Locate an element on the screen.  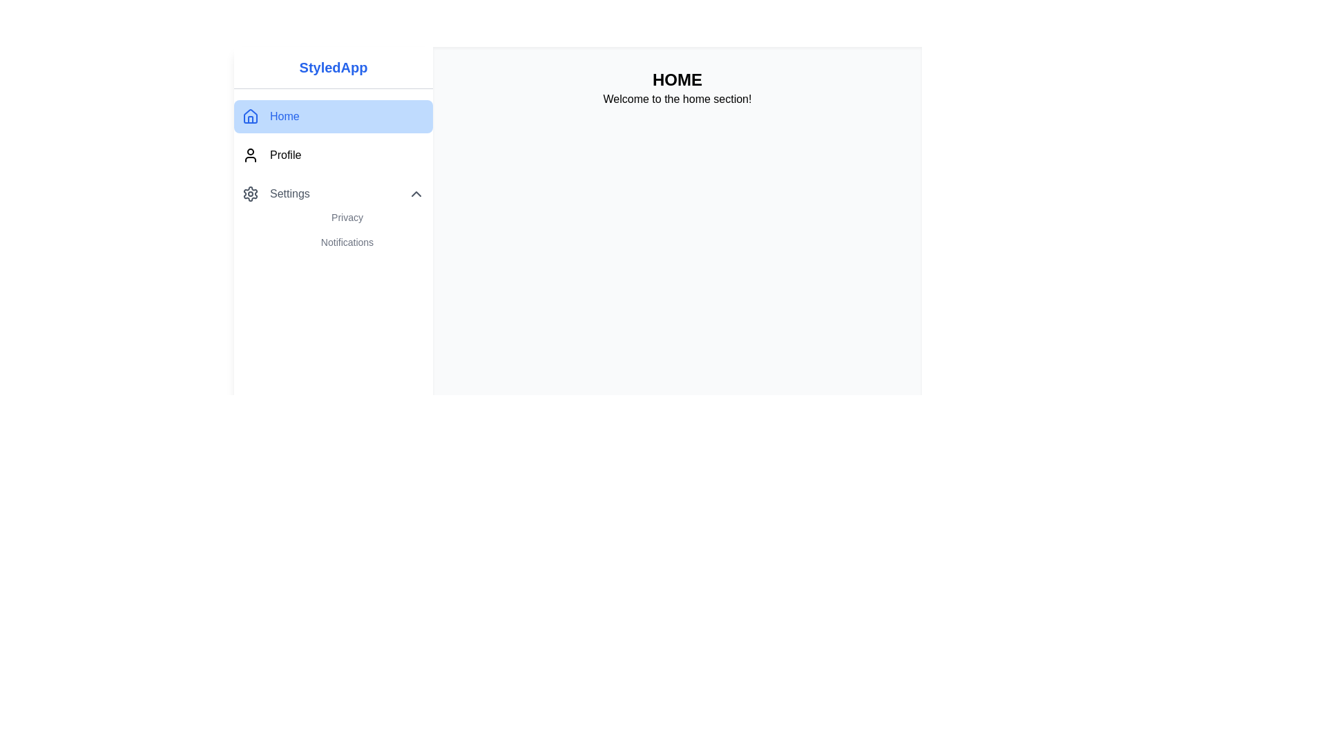
the small gear icon located adjacent to the 'Settings' label in the vertical menu bar, positioned before the text 'Settings' is located at coordinates (251, 194).